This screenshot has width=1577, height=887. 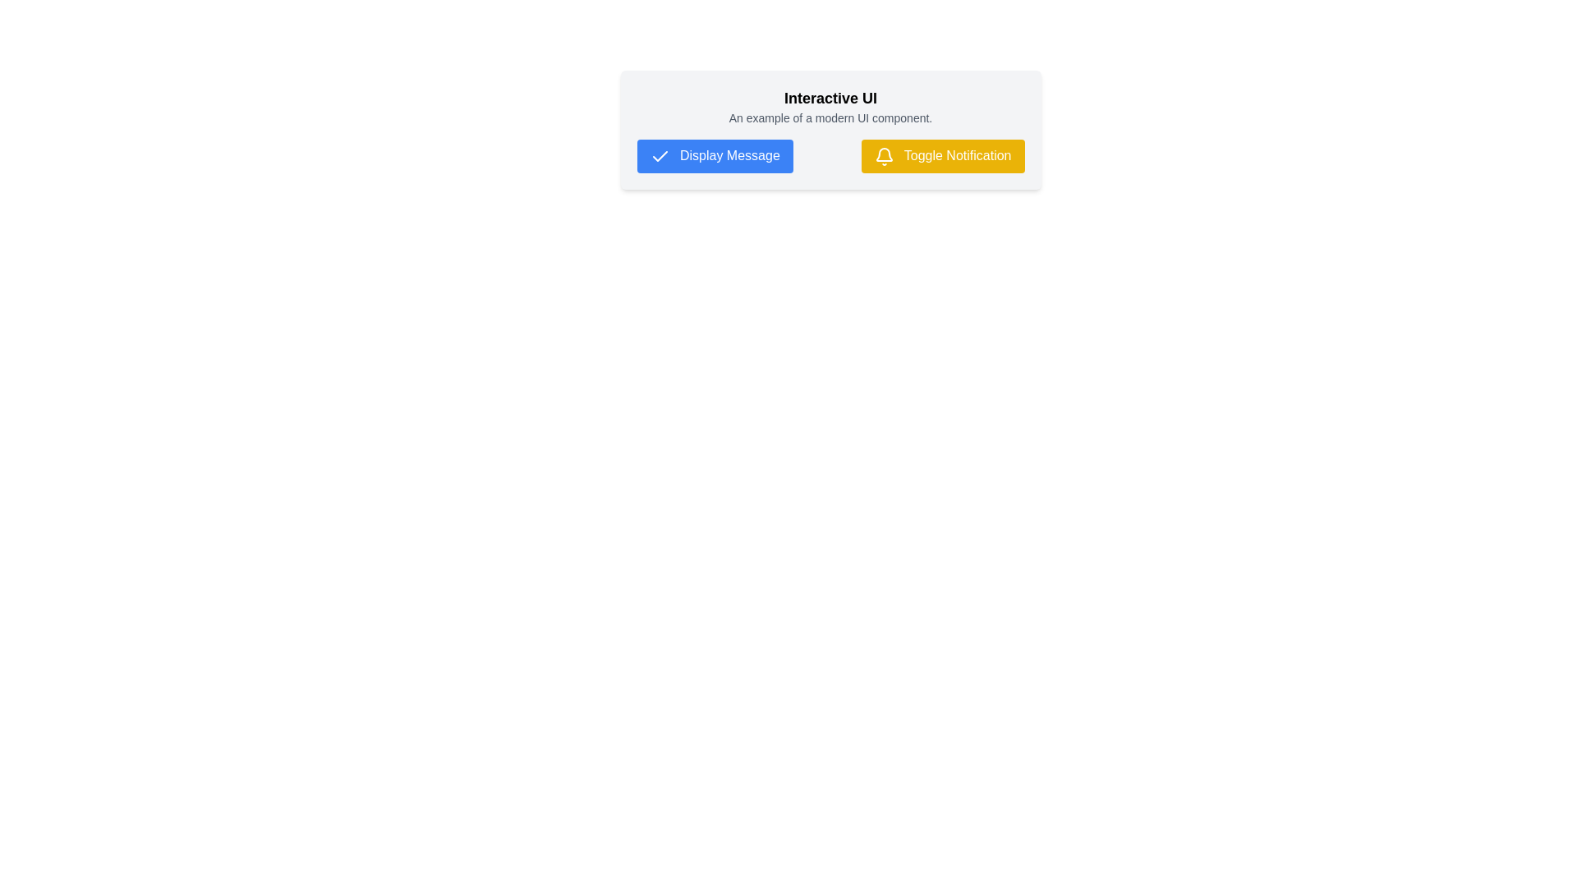 I want to click on the first button in the horizontal group, so click(x=715, y=156).